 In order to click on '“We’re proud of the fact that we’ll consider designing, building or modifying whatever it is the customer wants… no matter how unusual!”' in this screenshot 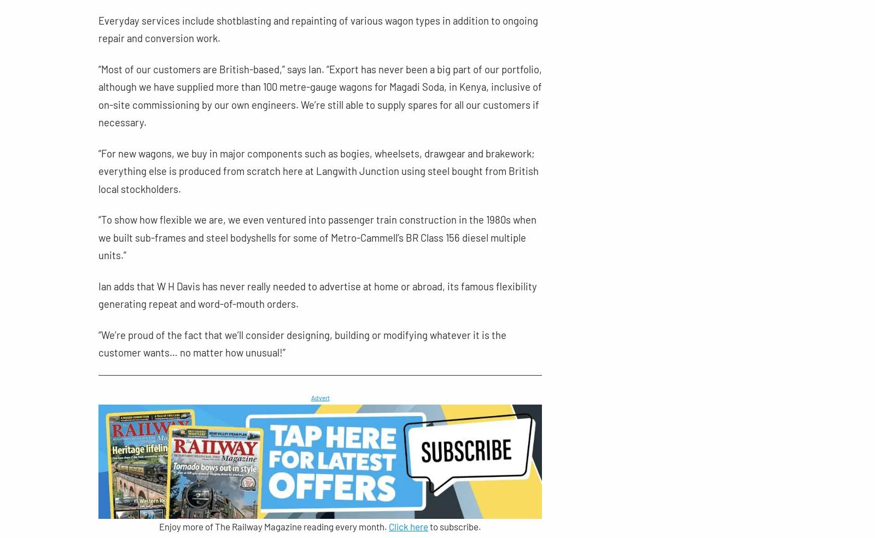, I will do `click(301, 343)`.